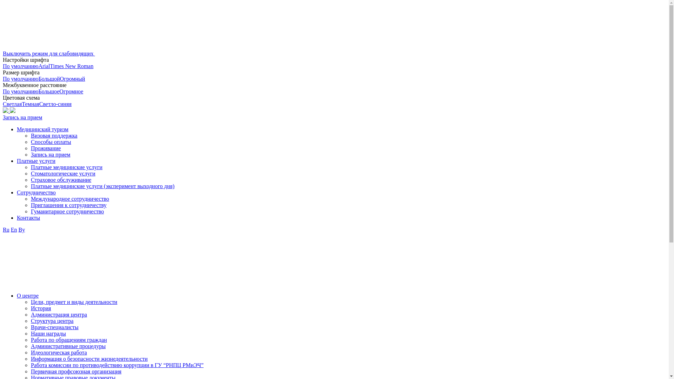  I want to click on 'Ru', so click(6, 230).